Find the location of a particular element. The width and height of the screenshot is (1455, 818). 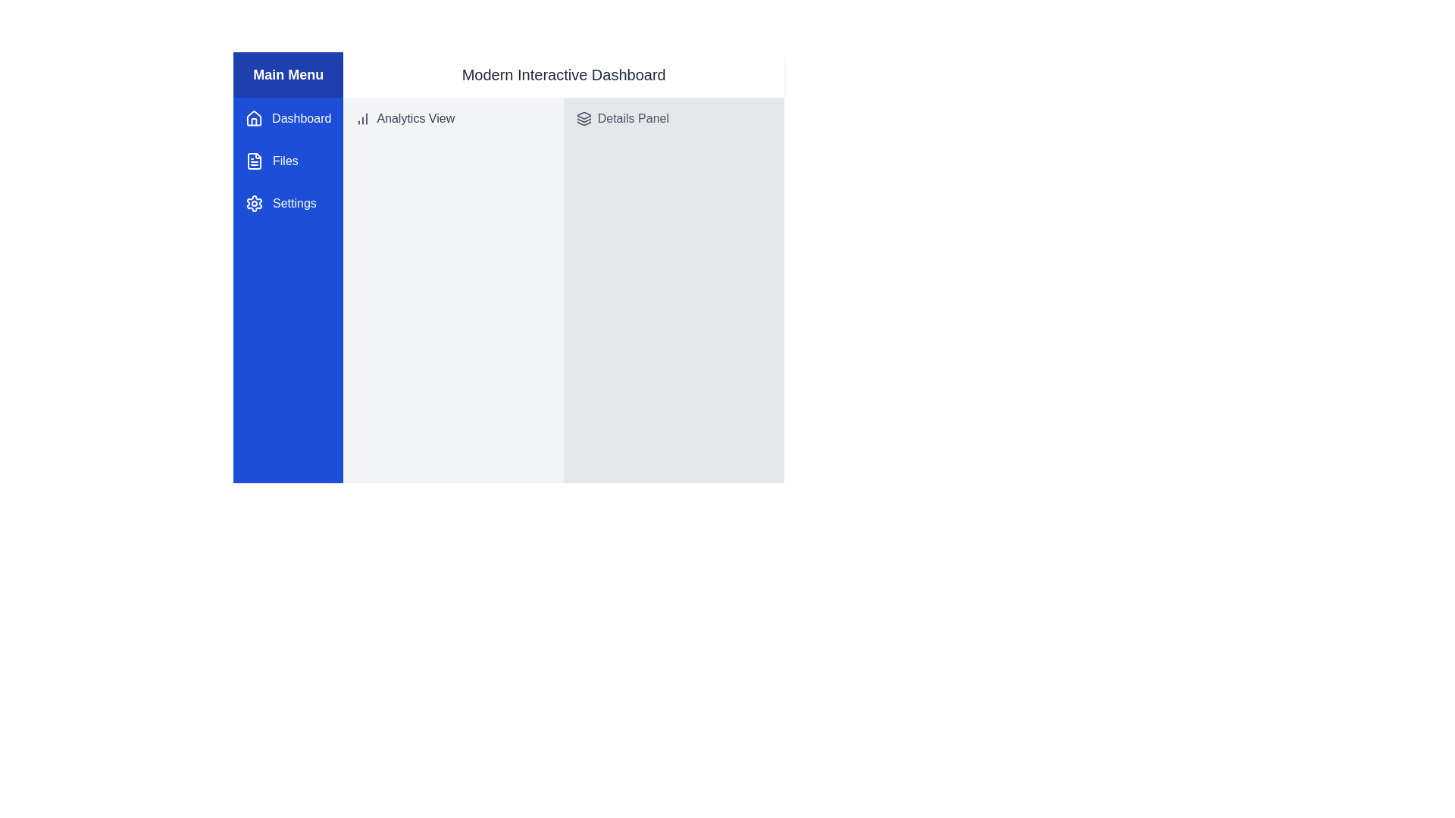

the analytics icon located to the left of the 'Analytics View' label in the top-left section of the main content area is located at coordinates (362, 118).